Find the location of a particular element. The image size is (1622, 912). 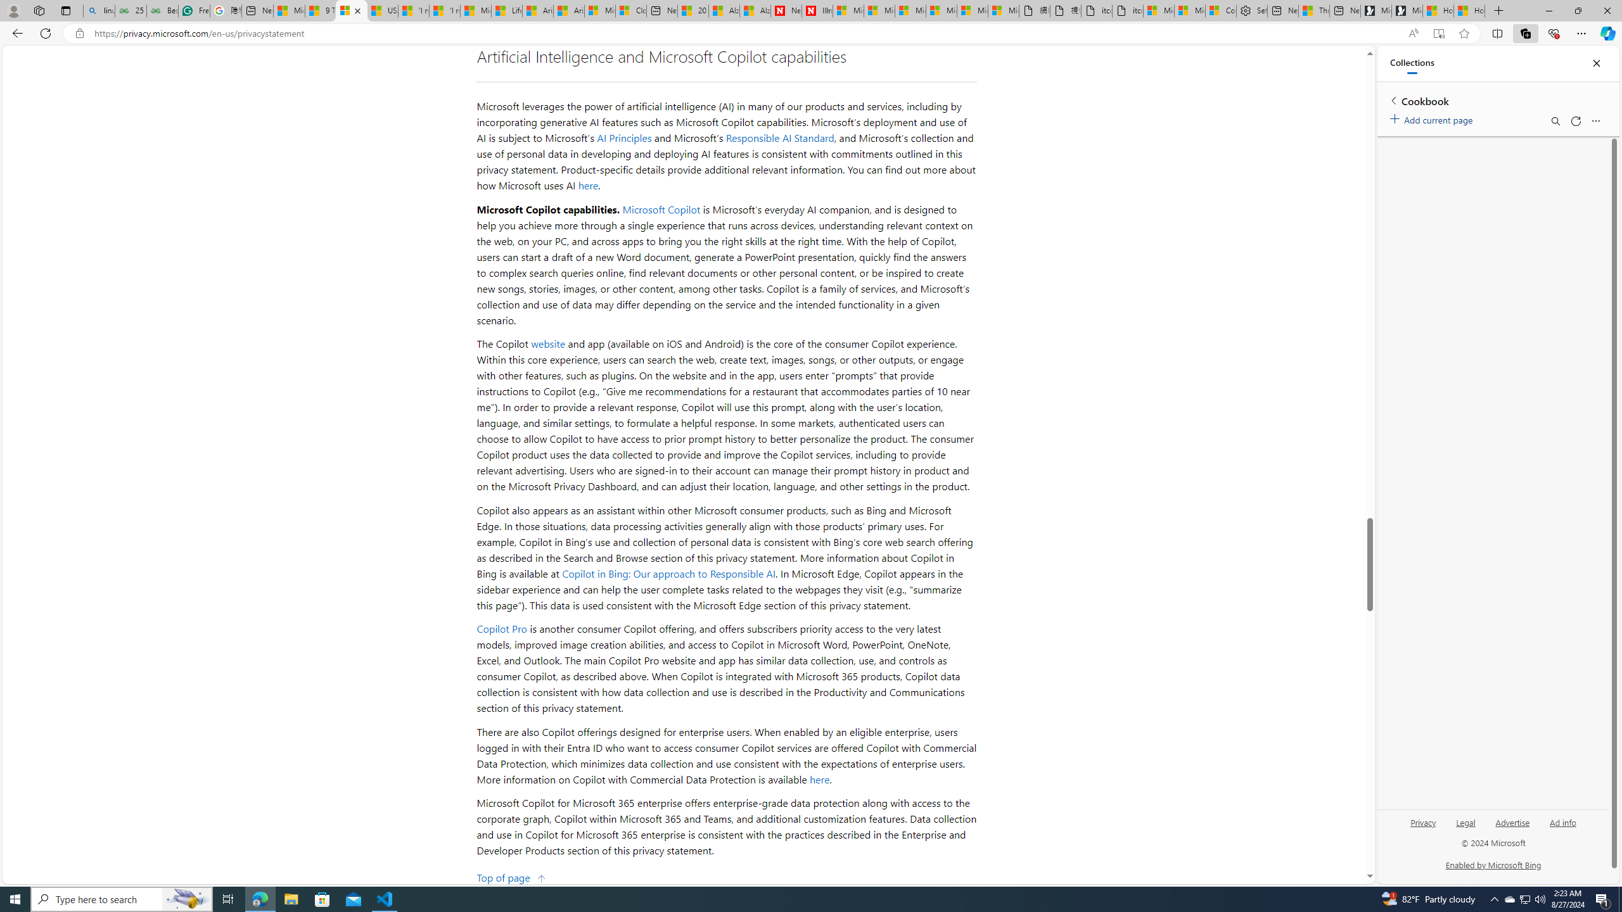

'Microsoft Copilot' is located at coordinates (661, 208).